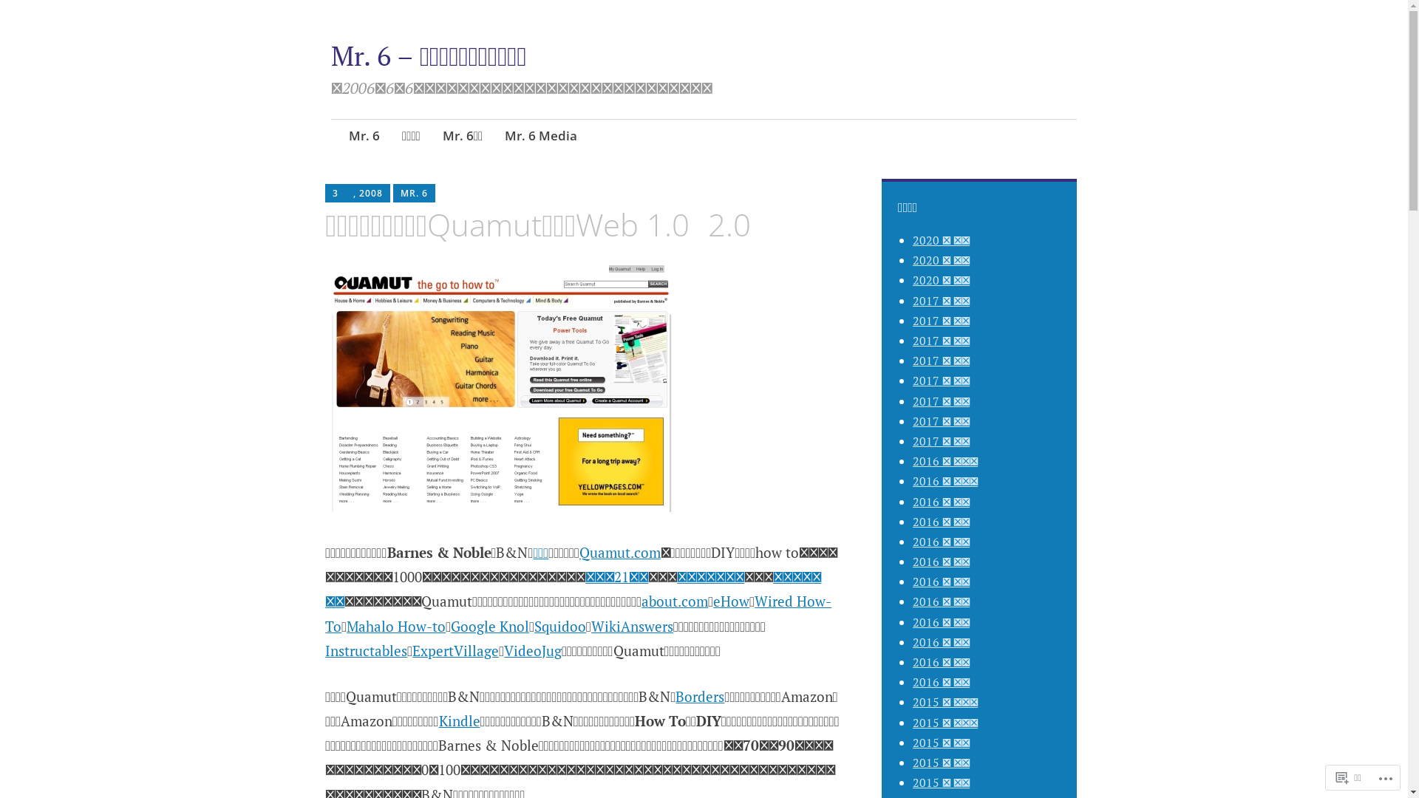  I want to click on 'MR. 6', so click(401, 192).